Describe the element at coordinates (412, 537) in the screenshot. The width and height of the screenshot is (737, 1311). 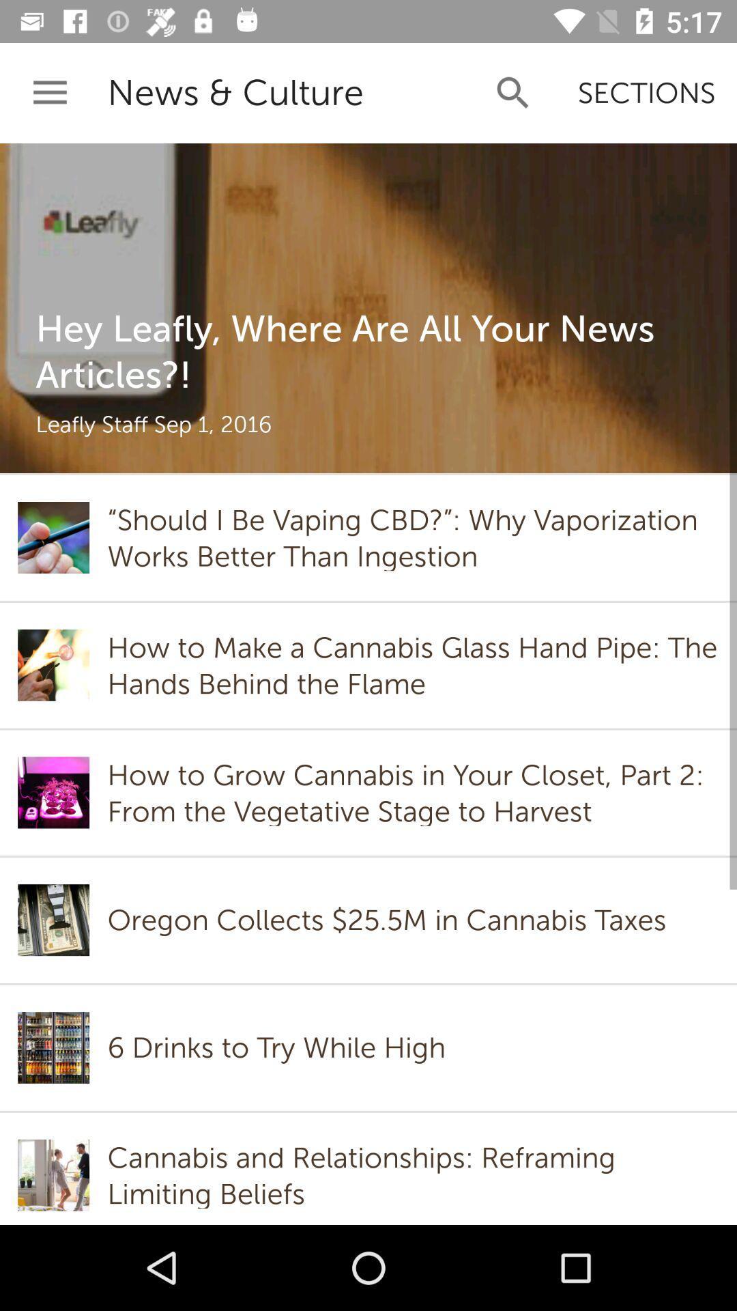
I see `should i be` at that location.